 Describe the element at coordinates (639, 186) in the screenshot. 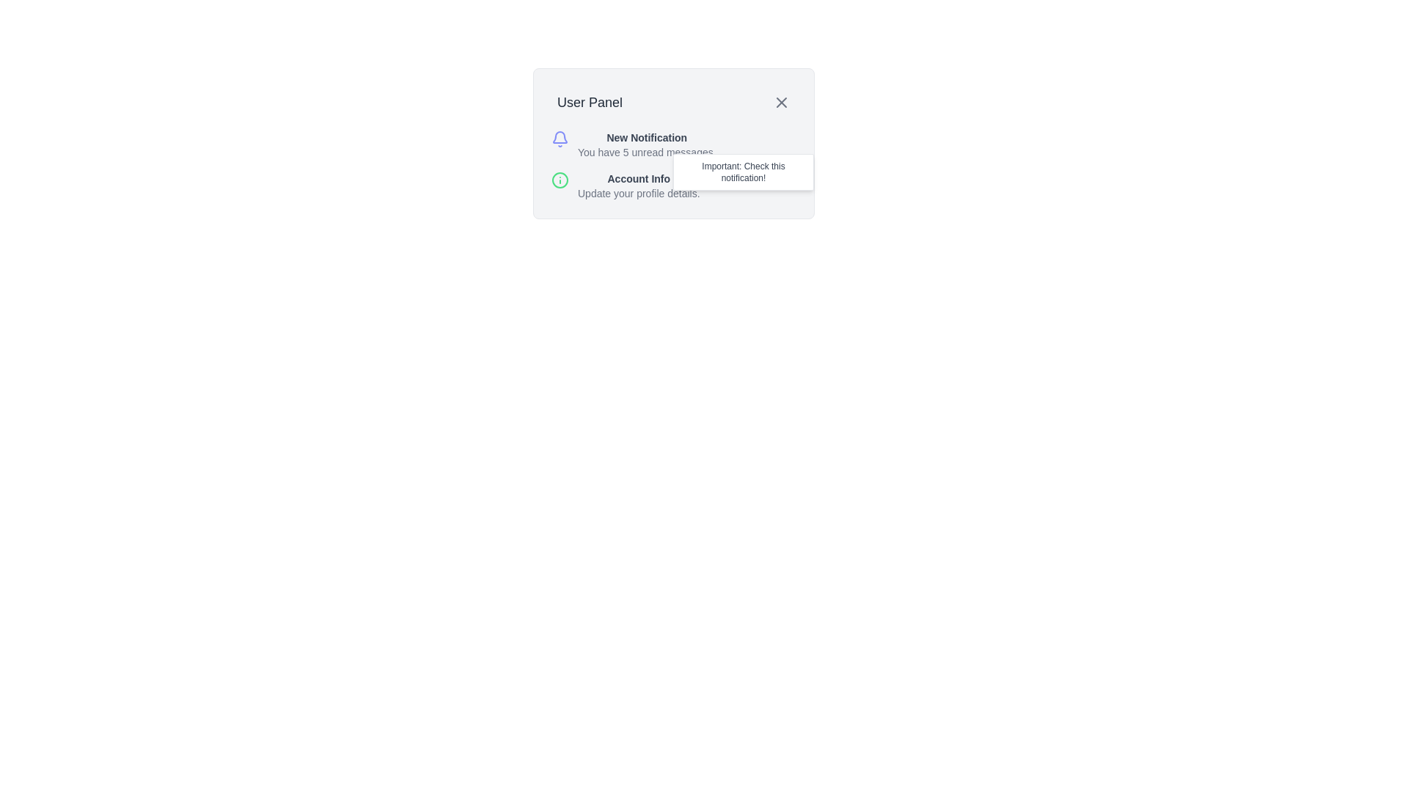

I see `descriptive text label located in the 'User Panel' below the 'New Notification' entry` at that location.